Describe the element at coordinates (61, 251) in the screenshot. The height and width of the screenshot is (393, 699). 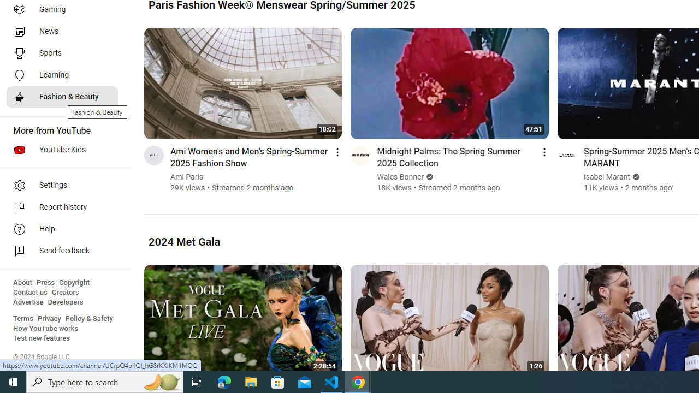
I see `'Send feedback'` at that location.